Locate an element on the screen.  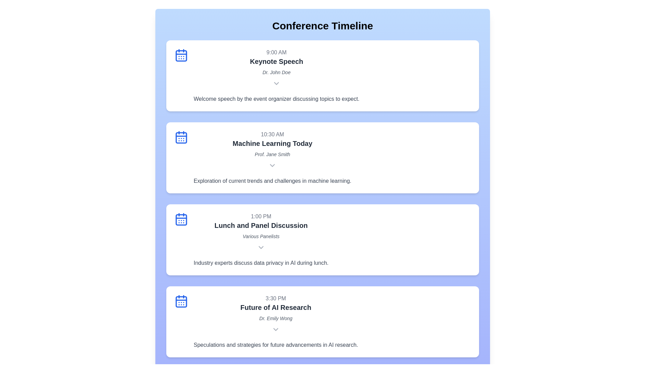
the non-interactive text display indicating 'Various Panelists' in the panel titled 'Lunch and Panel Discussion.' is located at coordinates (261, 236).